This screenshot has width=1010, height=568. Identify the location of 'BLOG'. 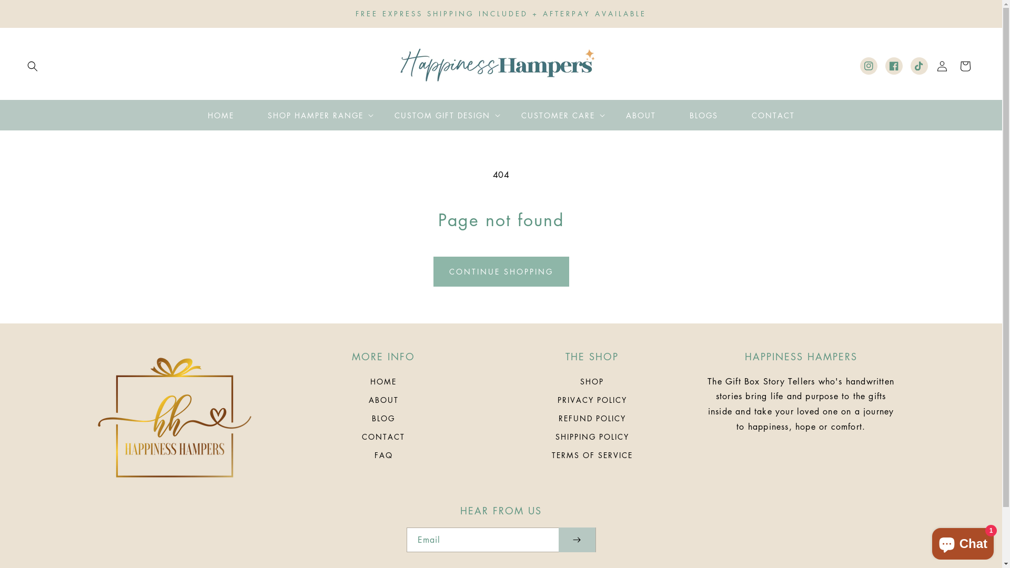
(383, 418).